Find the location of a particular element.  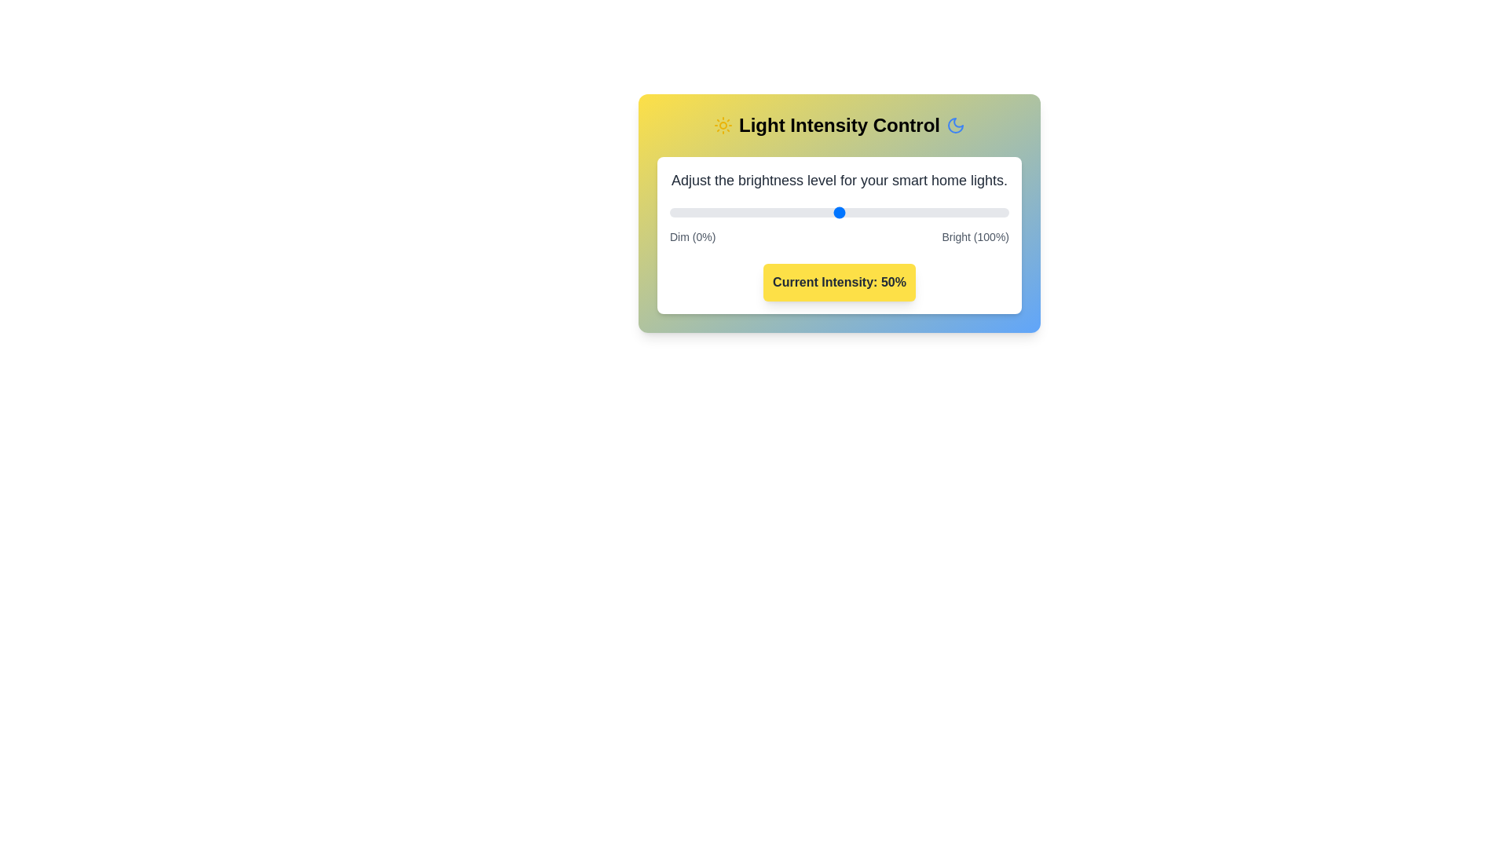

the light intensity to 36% by dragging the slider is located at coordinates (792, 212).